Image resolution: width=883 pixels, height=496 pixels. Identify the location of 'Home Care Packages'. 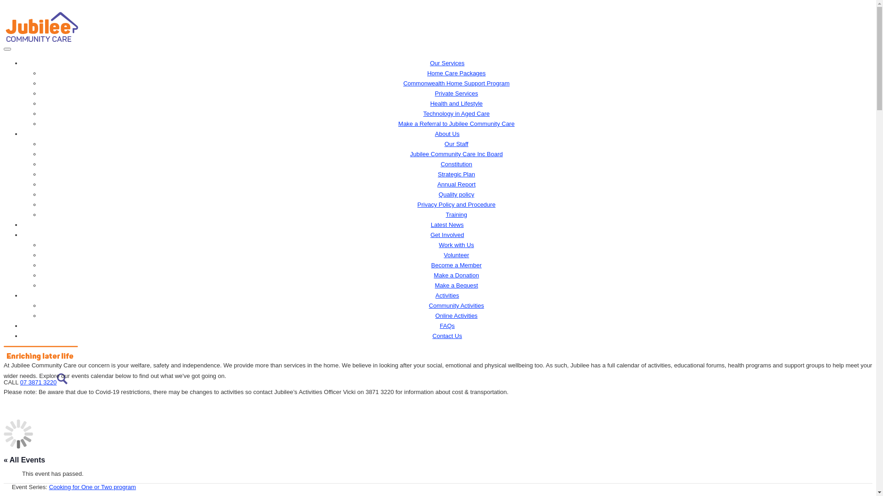
(456, 73).